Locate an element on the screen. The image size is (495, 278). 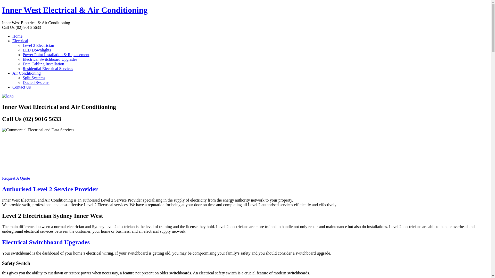
'Ducted Systems' is located at coordinates (36, 82).